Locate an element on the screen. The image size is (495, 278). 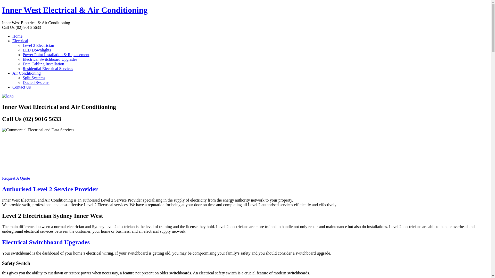
'Ducted Systems' is located at coordinates (36, 82).